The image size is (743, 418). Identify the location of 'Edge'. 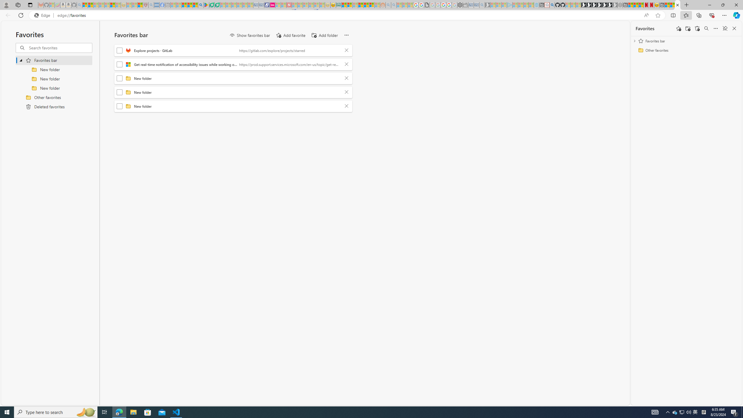
(43, 15).